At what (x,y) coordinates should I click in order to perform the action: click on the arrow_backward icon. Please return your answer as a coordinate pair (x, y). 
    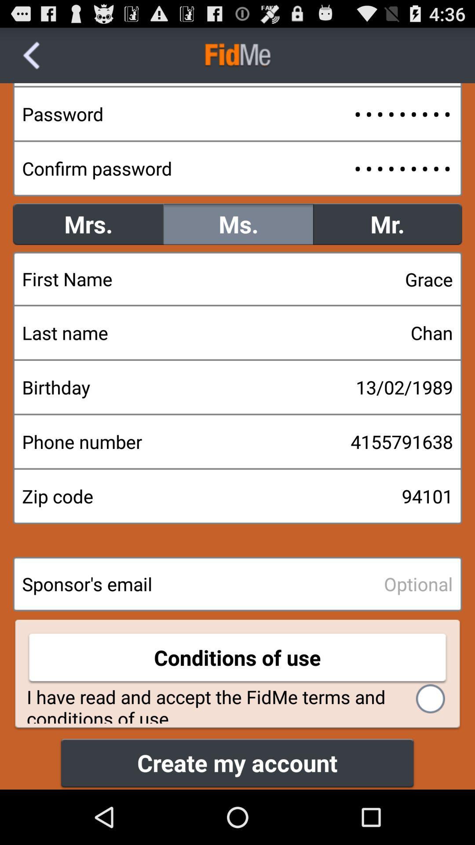
    Looking at the image, I should click on (31, 59).